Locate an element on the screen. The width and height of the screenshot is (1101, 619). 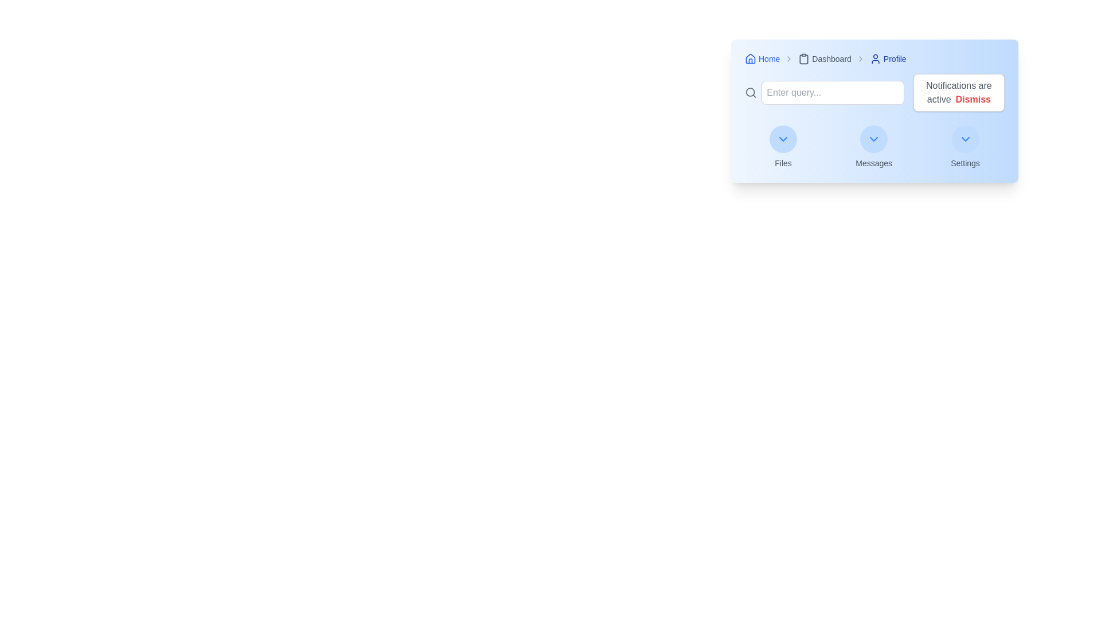
the right-facing chevron icon styled as a dropdown arrow located in the bottom-right corner of the card interface is located at coordinates (965, 139).